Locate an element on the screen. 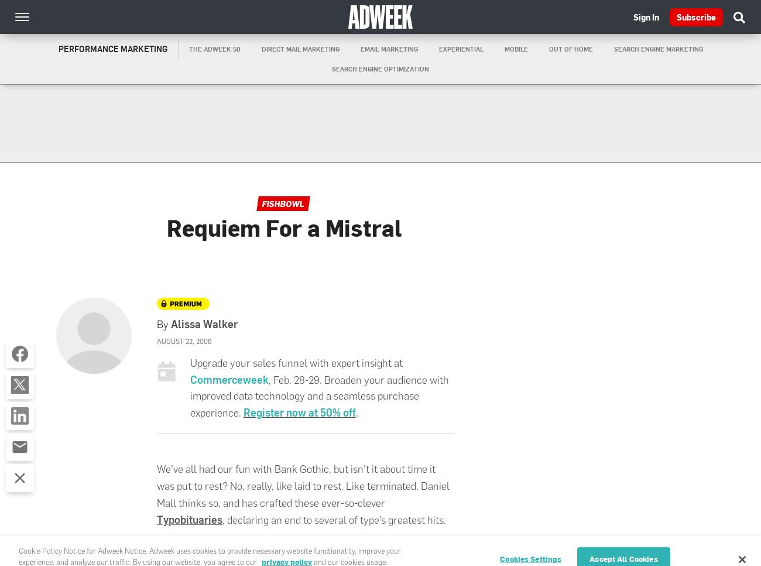 Image resolution: width=761 pixels, height=566 pixels. ', Feb. 28-29. Broaden your audience with improved data technology and a seamless purchase experience.' is located at coordinates (318, 396).